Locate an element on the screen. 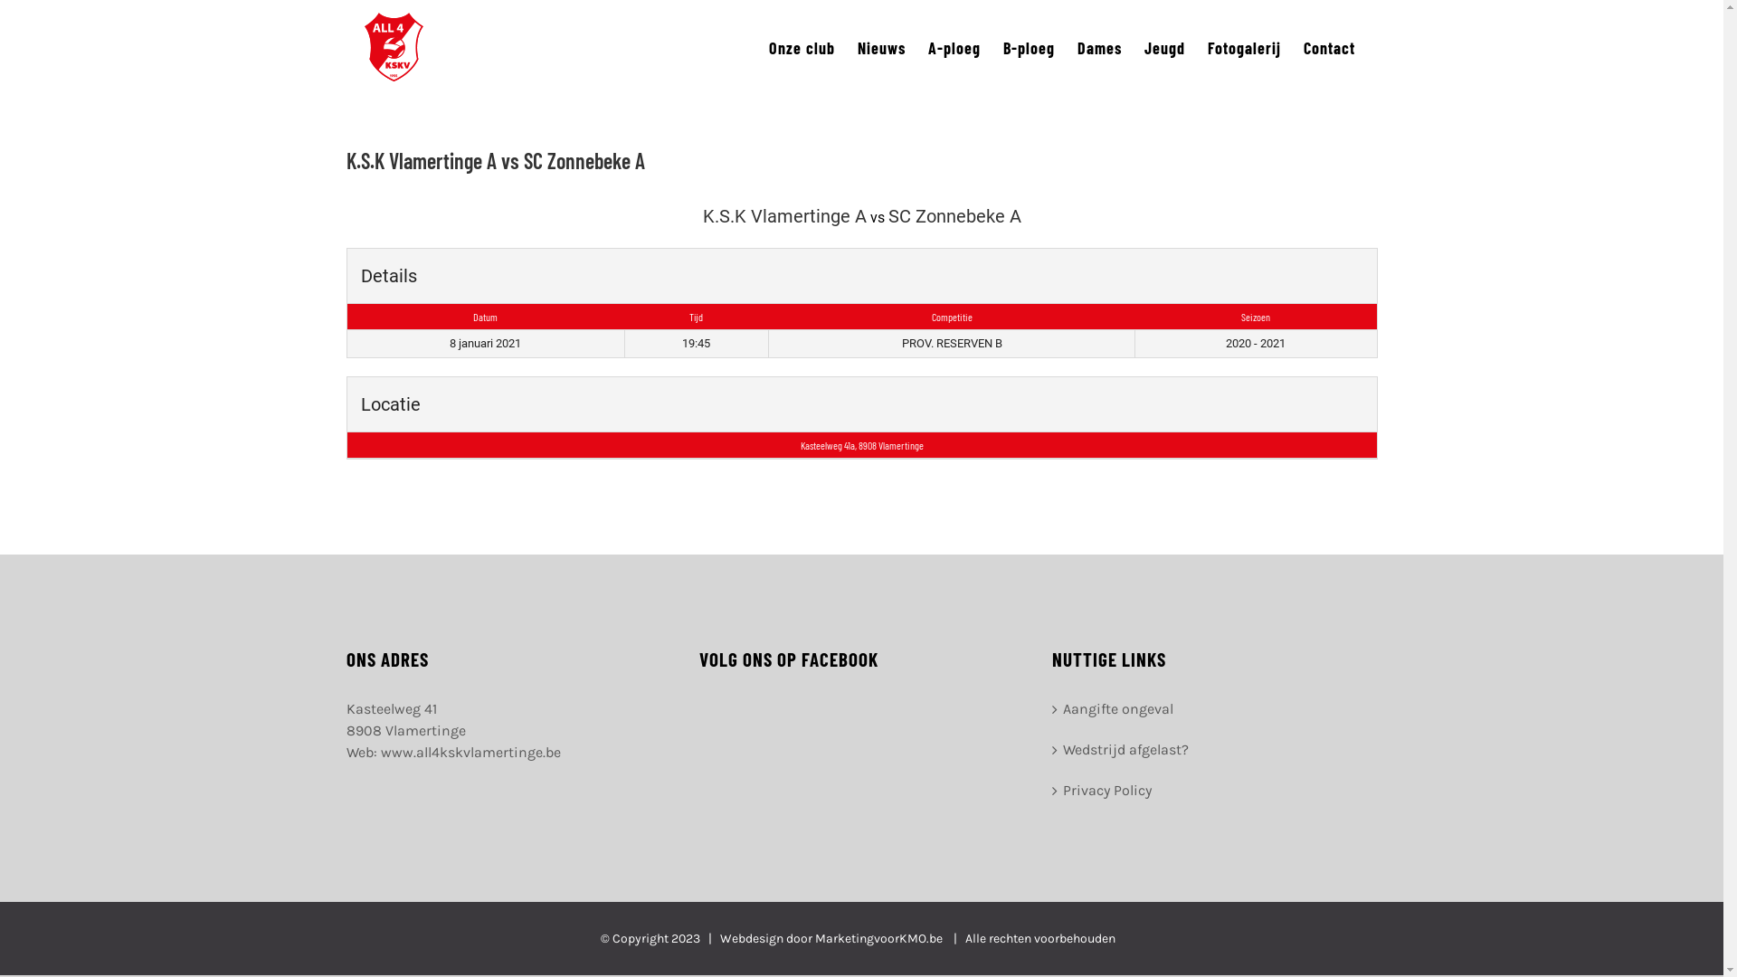  'Jeugd' is located at coordinates (1163, 46).